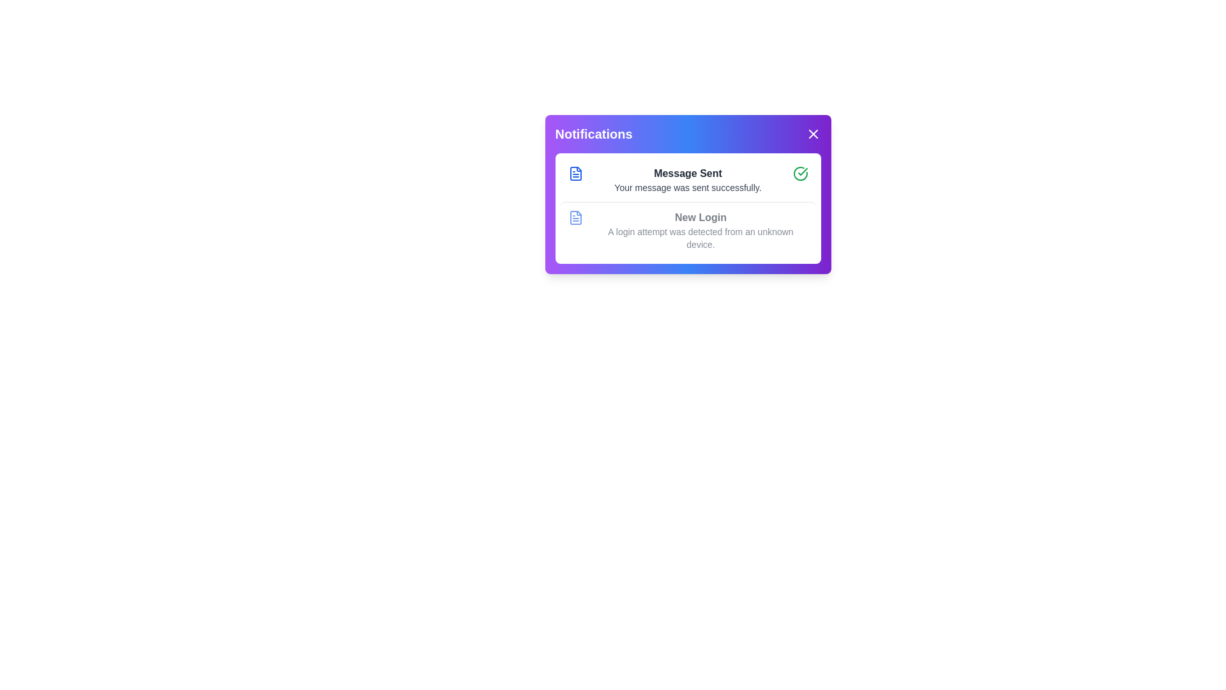  Describe the element at coordinates (812, 134) in the screenshot. I see `the close (cross) icon located at the top-right corner of the notification card, which is part of the purple header bar labeled 'Notifications'` at that location.